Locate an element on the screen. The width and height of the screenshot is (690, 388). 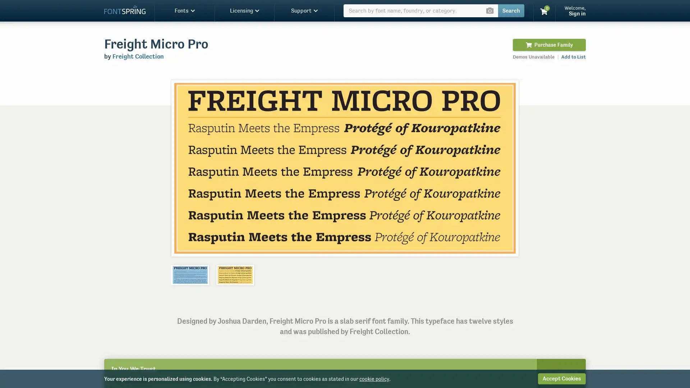
Search is located at coordinates (511, 11).